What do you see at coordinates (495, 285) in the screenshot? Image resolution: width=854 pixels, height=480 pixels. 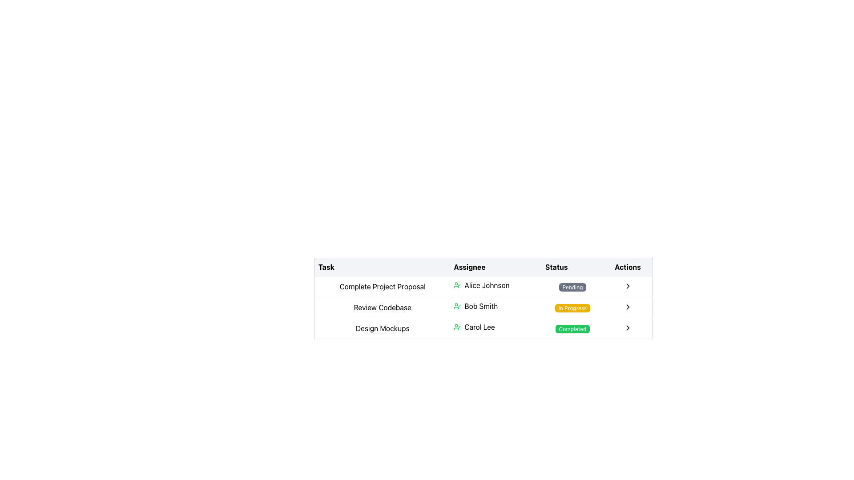 I see `the 'Assignee' text with icon element in the first row of the task table for 'Complete Project Proposal'` at bounding box center [495, 285].